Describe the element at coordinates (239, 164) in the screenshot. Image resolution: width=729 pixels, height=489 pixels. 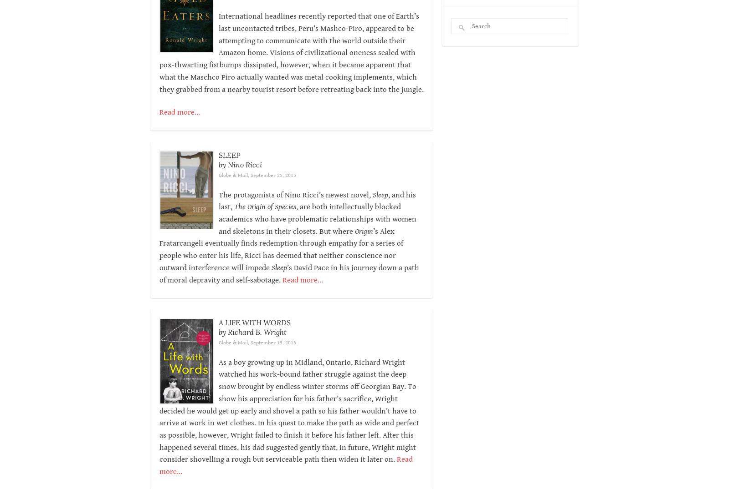
I see `'by Nino Ricci'` at that location.